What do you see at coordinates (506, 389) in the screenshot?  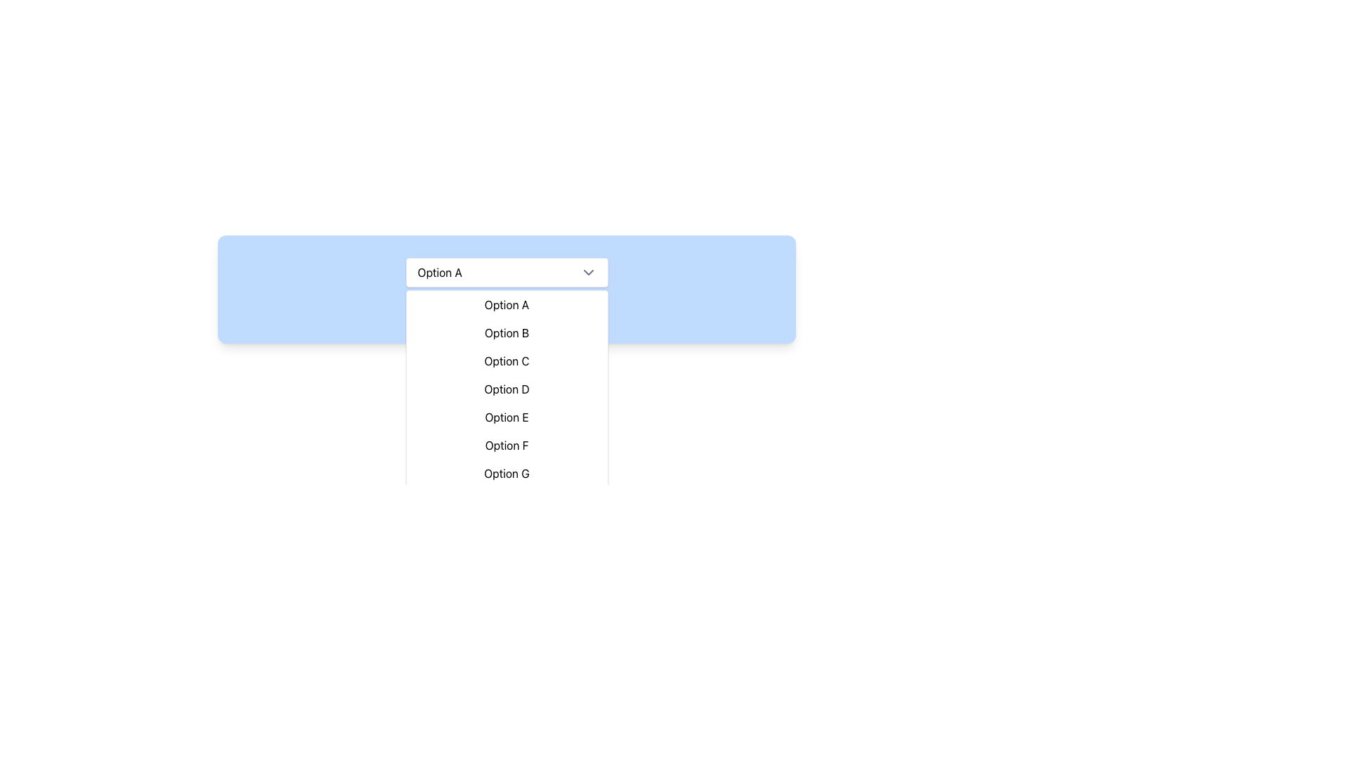 I see `the 'Option D' in the dropdown menu` at bounding box center [506, 389].